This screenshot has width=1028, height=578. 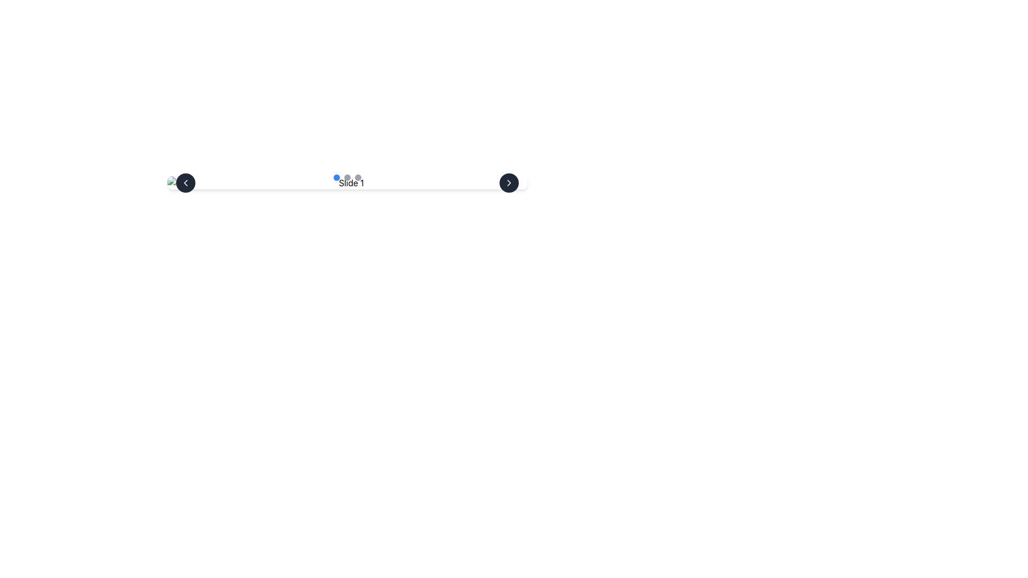 What do you see at coordinates (508, 182) in the screenshot?
I see `the SVG arrow icon which is located inside a circular button at the far-right position of the horizontal navigation bar` at bounding box center [508, 182].